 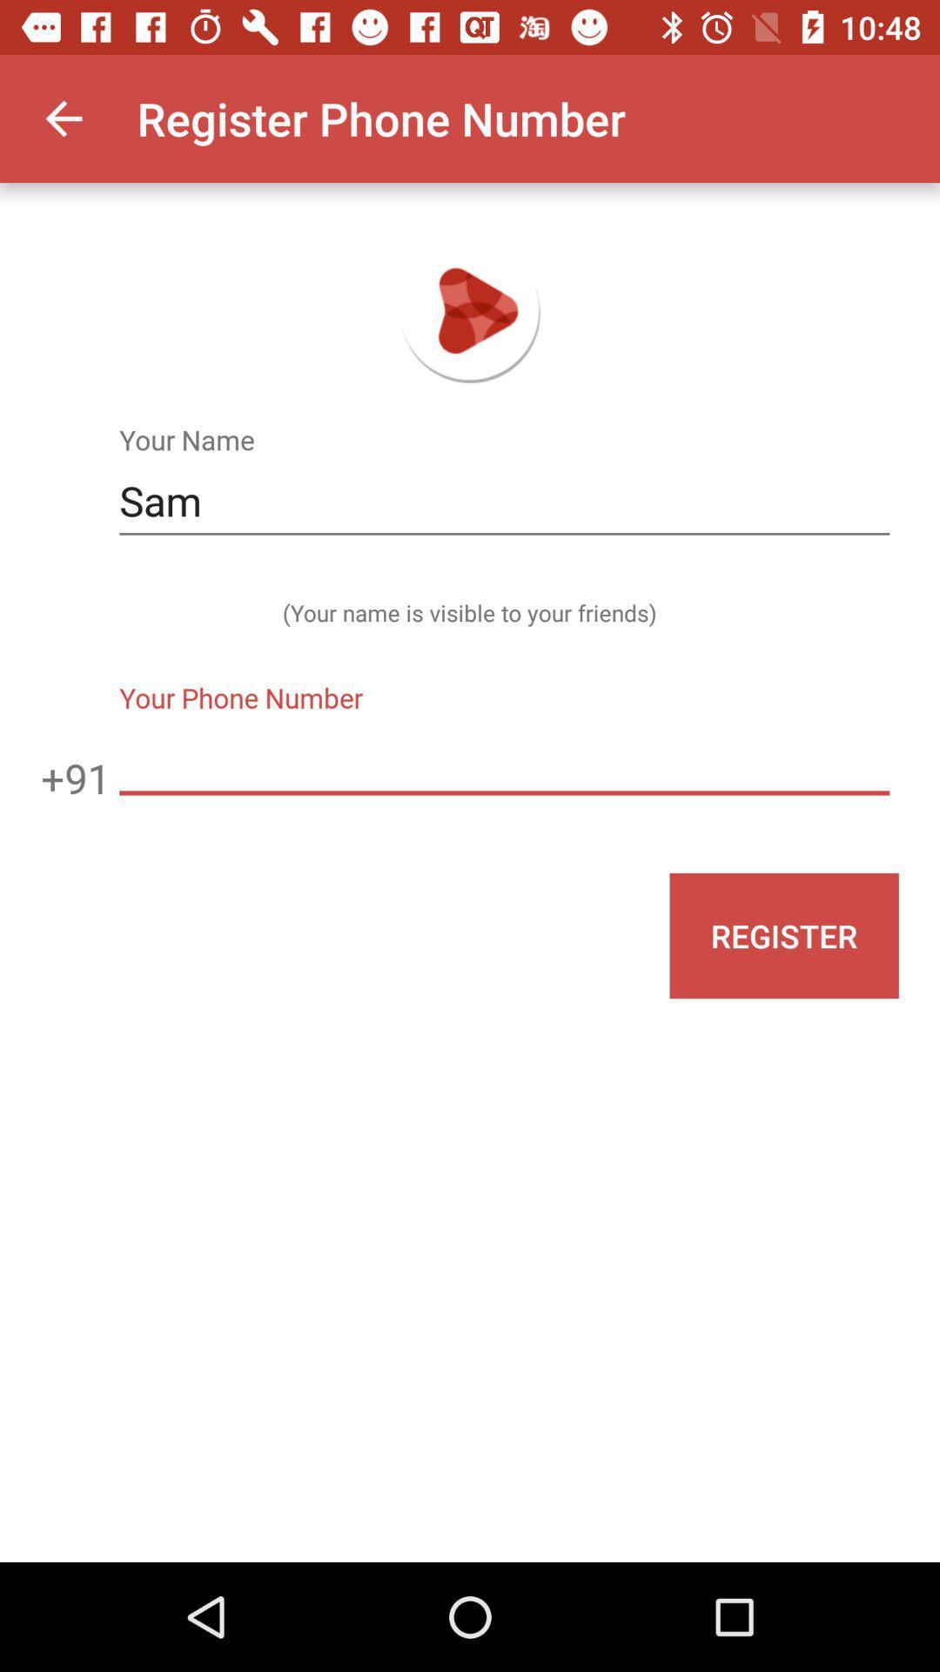 I want to click on item at the top left corner, so click(x=63, y=118).